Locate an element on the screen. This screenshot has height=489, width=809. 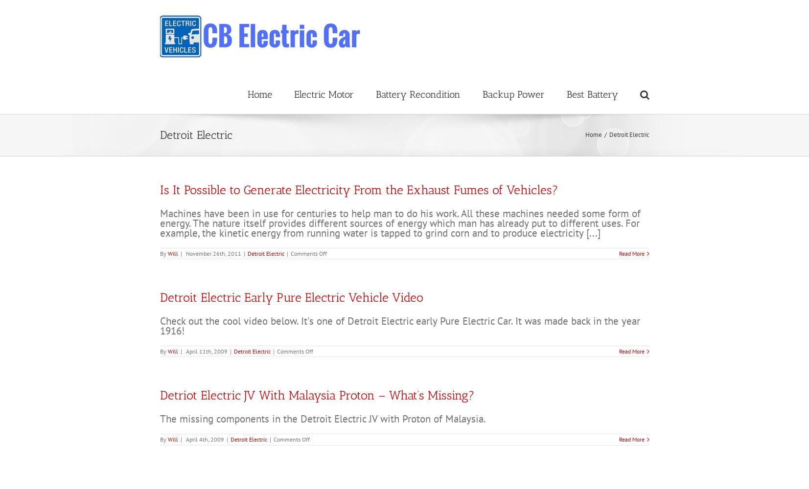
'April 4th, 2009' is located at coordinates (204, 439).